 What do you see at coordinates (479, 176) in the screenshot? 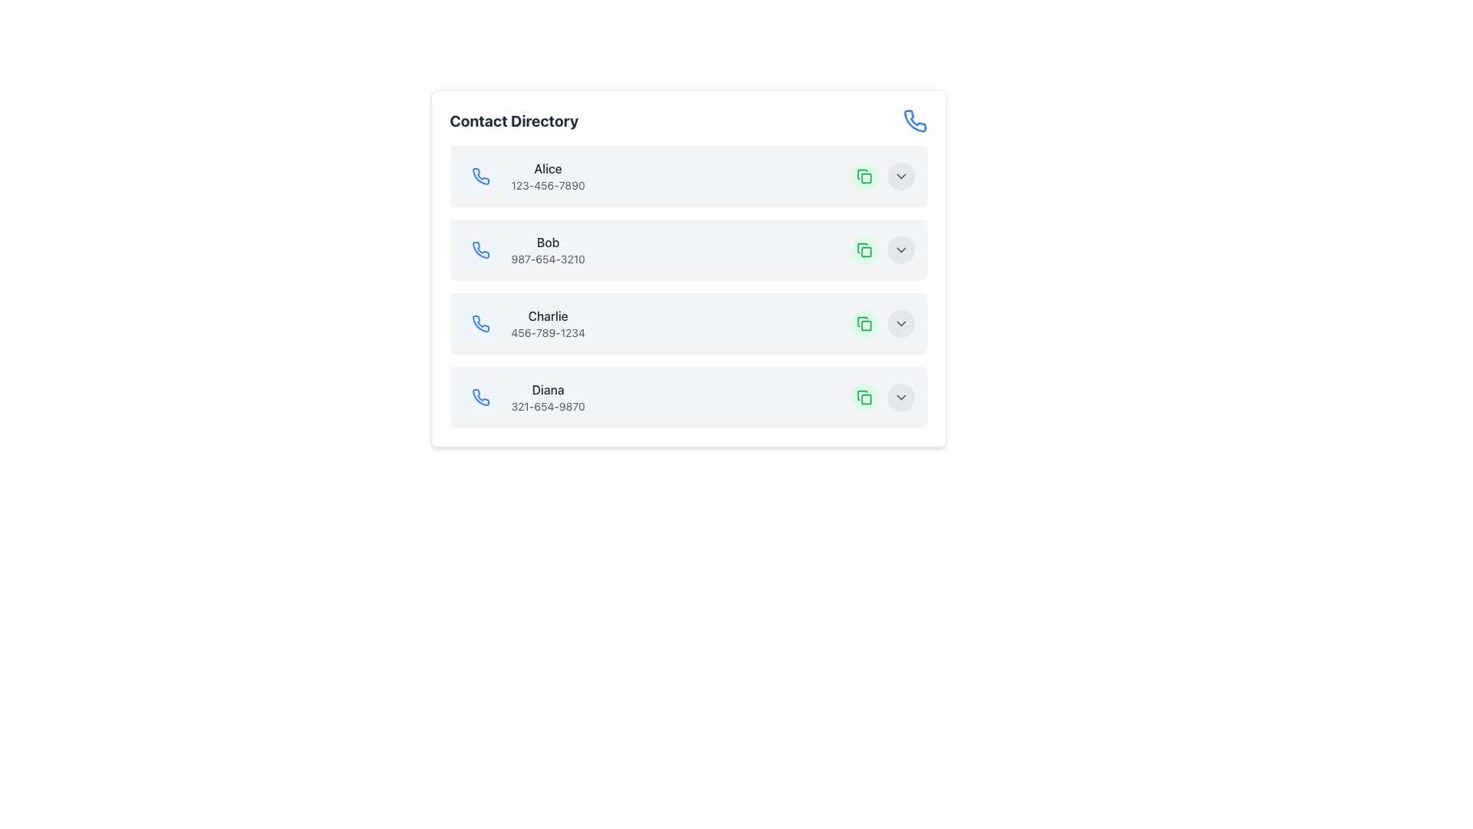
I see `the phone contact icon for Alice` at bounding box center [479, 176].